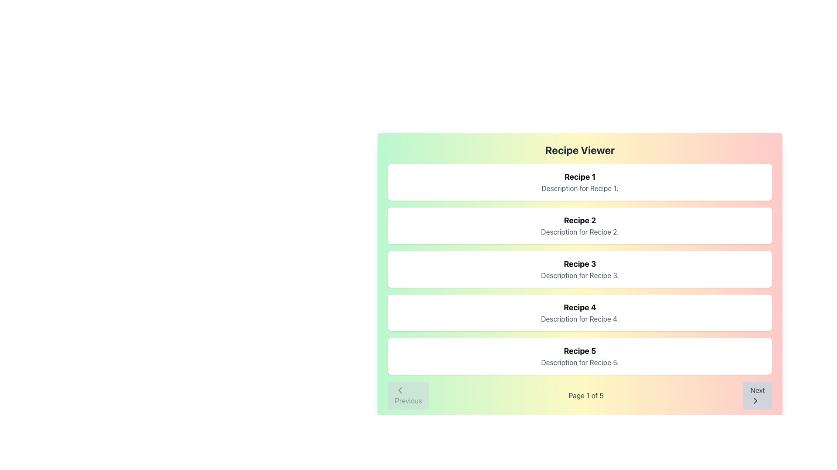 This screenshot has width=837, height=470. What do you see at coordinates (580, 275) in the screenshot?
I see `the descriptive text element for 'Recipe 3' located centrally under the heading, which provides details about the recipe` at bounding box center [580, 275].